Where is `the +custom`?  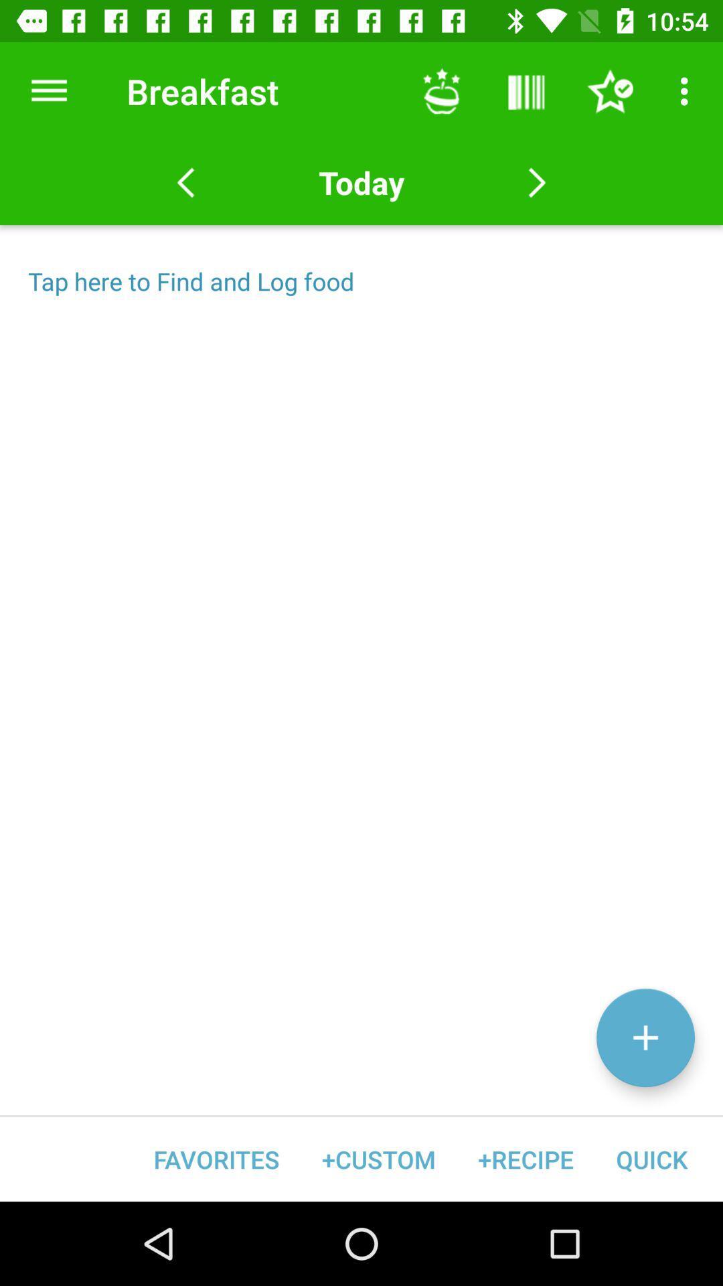
the +custom is located at coordinates (378, 1159).